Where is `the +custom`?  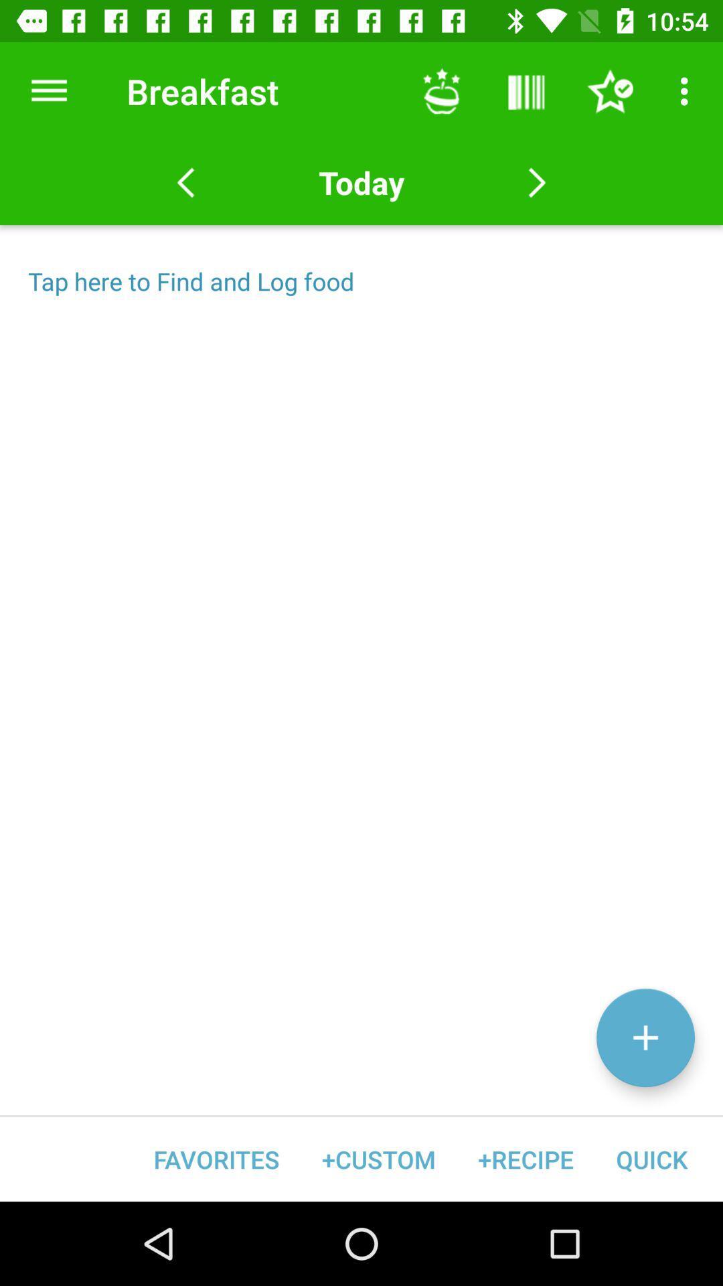
the +custom is located at coordinates (378, 1159).